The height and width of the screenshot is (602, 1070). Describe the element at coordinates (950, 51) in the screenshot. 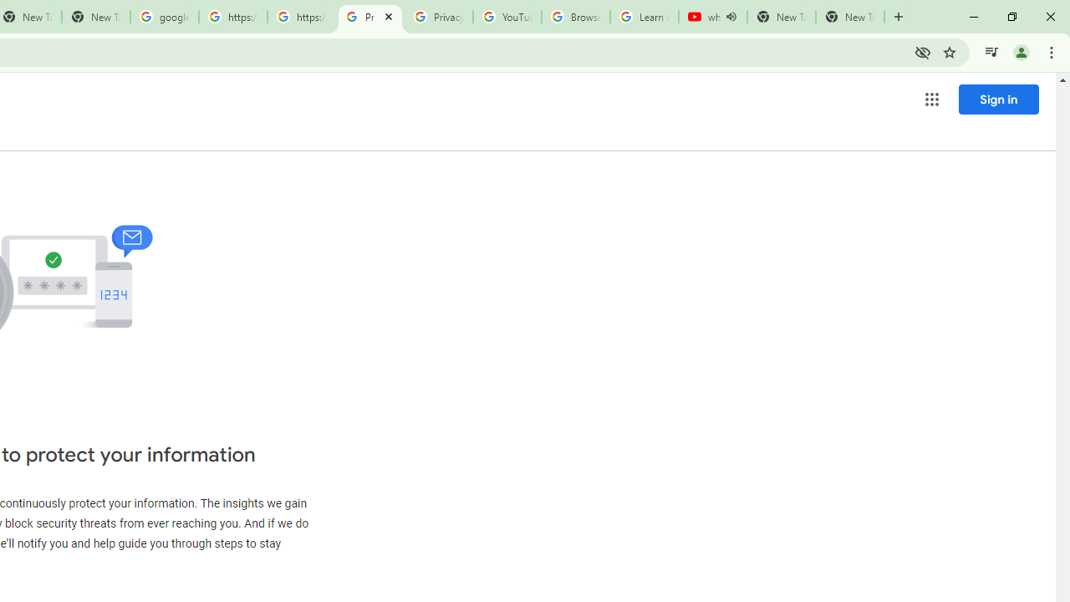

I see `'Bookmark this tab'` at that location.